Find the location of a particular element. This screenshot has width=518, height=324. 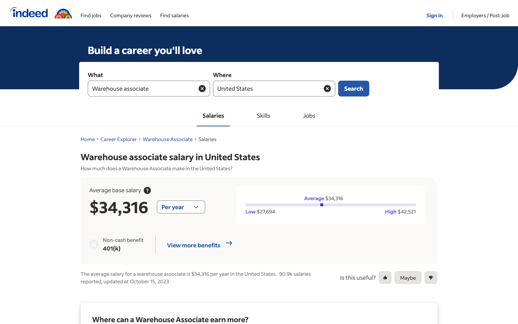

Return to the Warehouse Associate Page is located at coordinates (168, 139).